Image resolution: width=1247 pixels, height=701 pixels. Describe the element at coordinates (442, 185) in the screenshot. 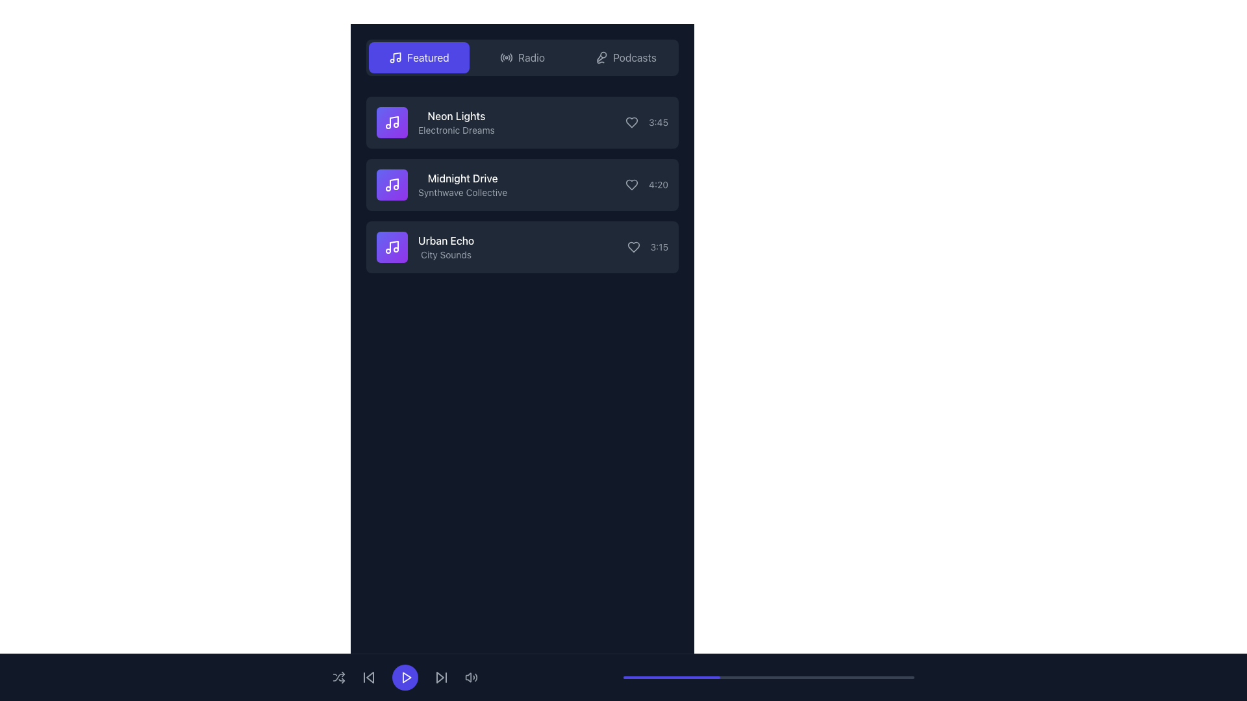

I see `the music track list item titled 'Midnight Drive' by 'Synthwave Collective'` at that location.